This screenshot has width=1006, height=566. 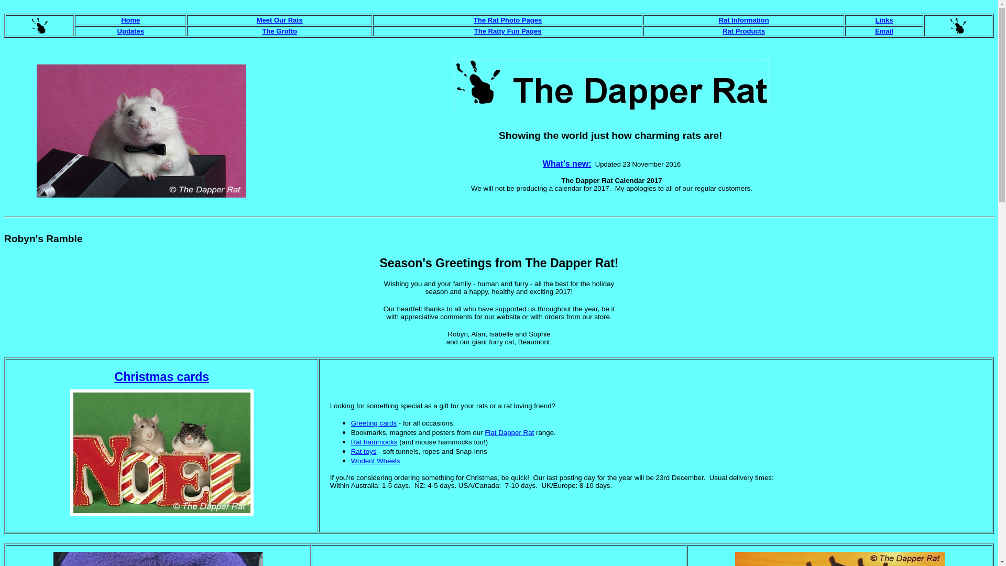 What do you see at coordinates (474, 30) in the screenshot?
I see `'The Ratty Fun Pages'` at bounding box center [474, 30].